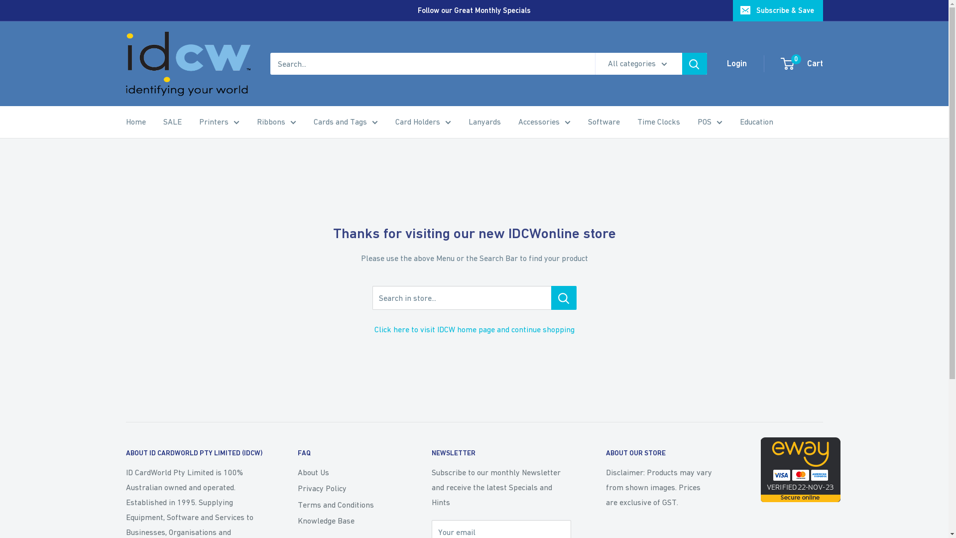  Describe the element at coordinates (276, 122) in the screenshot. I see `'Ribbons'` at that location.